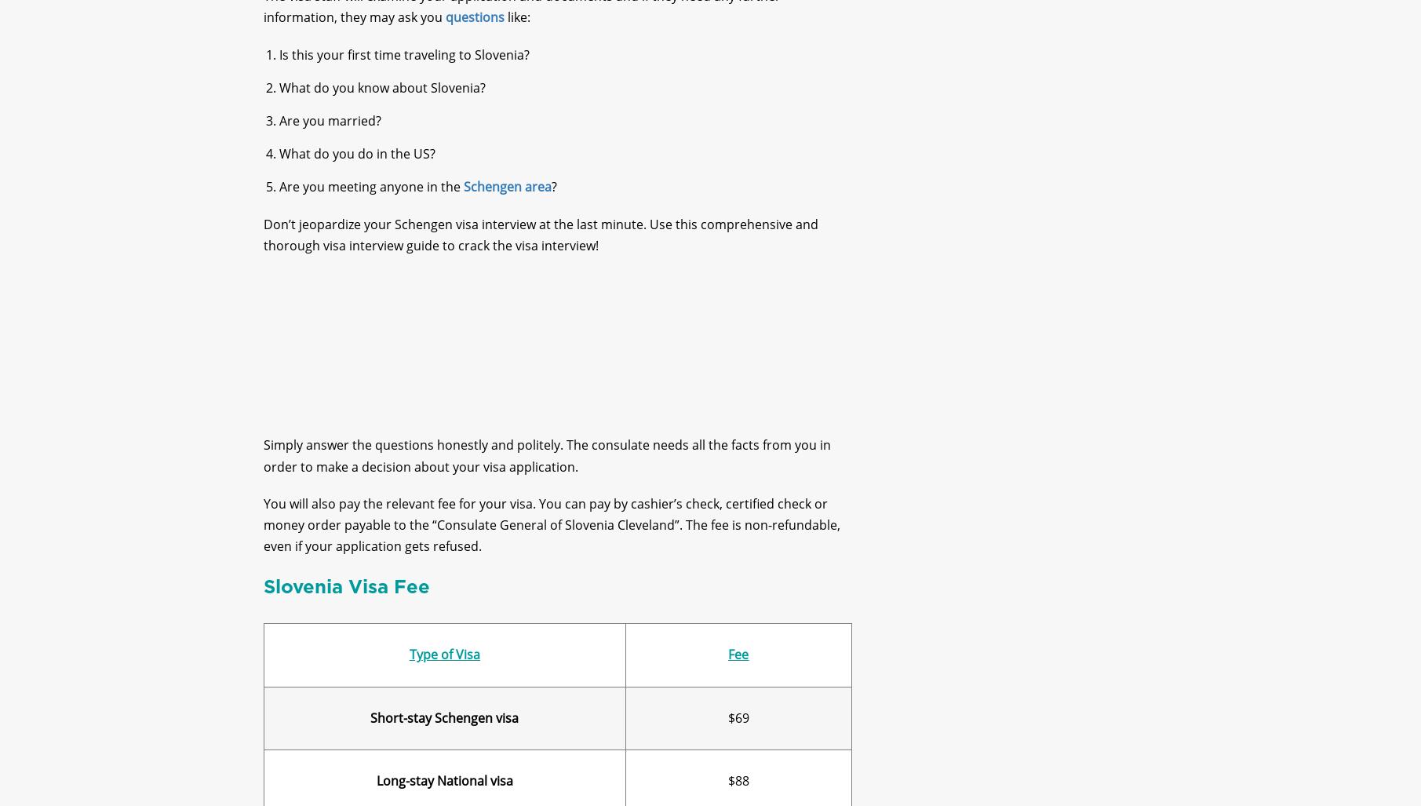 The image size is (1421, 806). What do you see at coordinates (443, 793) in the screenshot?
I see `'Long-stay National visa'` at bounding box center [443, 793].